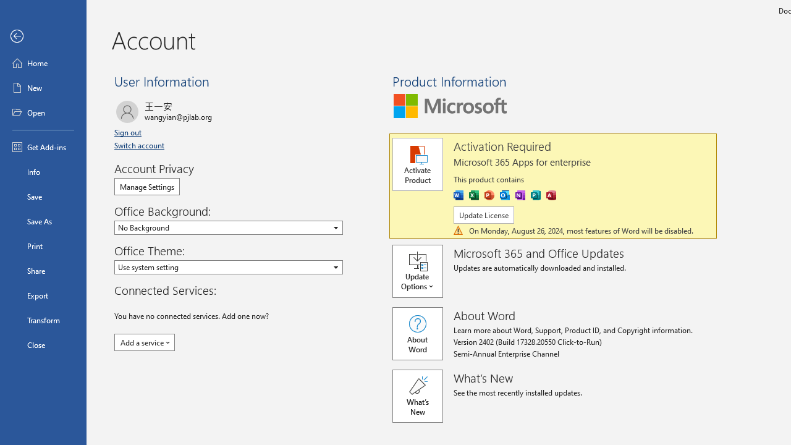  What do you see at coordinates (43, 36) in the screenshot?
I see `'Back'` at bounding box center [43, 36].